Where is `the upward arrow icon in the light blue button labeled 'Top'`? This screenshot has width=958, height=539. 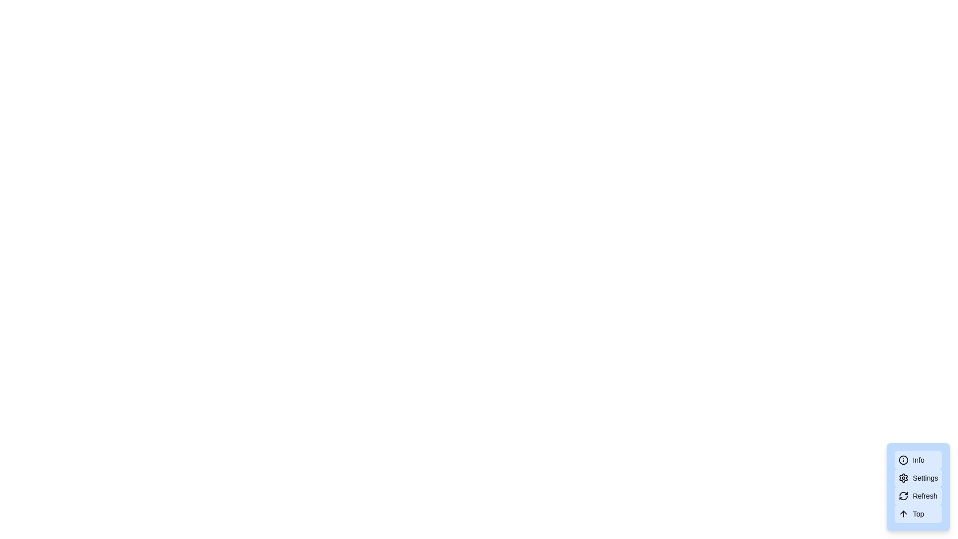
the upward arrow icon in the light blue button labeled 'Top' is located at coordinates (904, 514).